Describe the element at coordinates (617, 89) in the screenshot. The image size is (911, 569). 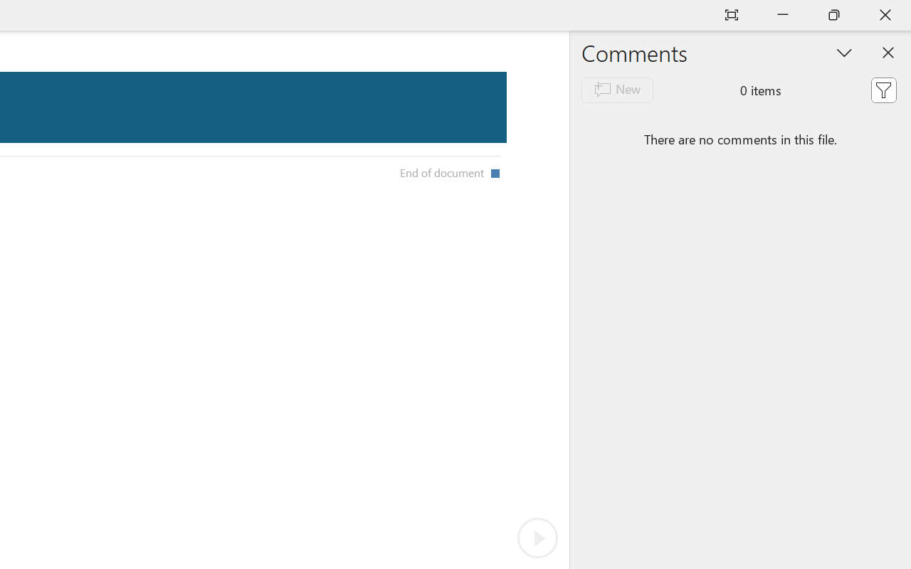
I see `'New comment'` at that location.